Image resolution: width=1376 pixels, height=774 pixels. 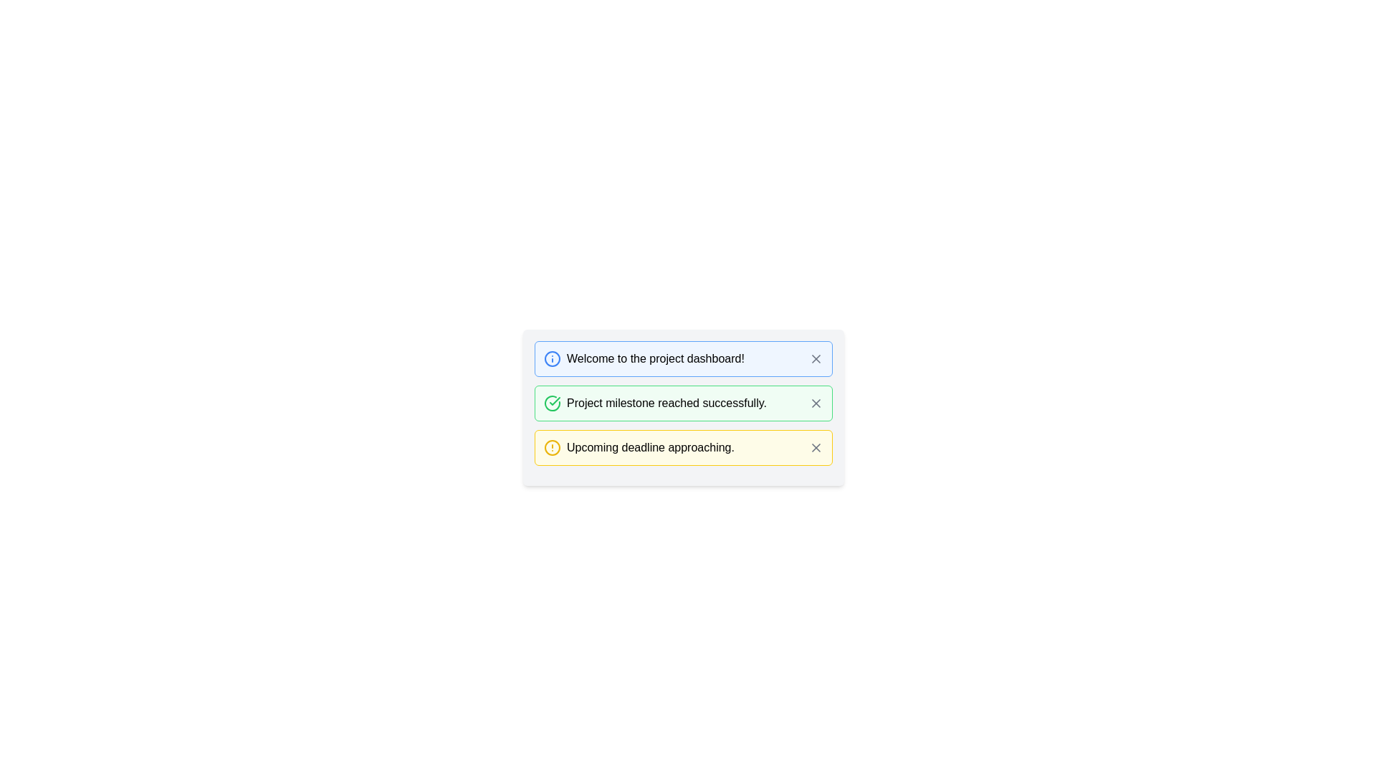 I want to click on the alert icon located to the left of the text 'Upcoming deadline approaching' in the third notification entry, so click(x=552, y=446).